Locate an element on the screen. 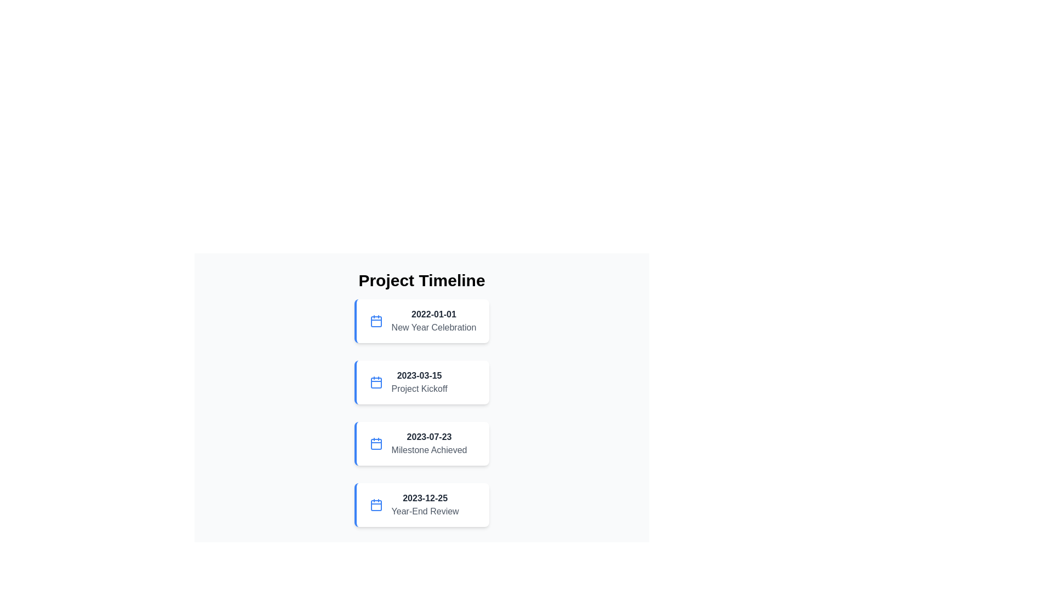  information displayed on the text label showing the date '2023-03-15' and the description 'Project Kickoff', located in the second card of the vertical timeline below the blue calendar icon is located at coordinates (419, 381).